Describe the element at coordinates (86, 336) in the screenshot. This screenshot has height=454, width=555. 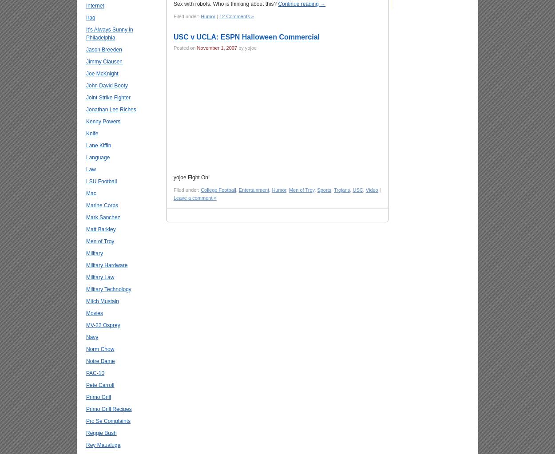
I see `'Navy'` at that location.